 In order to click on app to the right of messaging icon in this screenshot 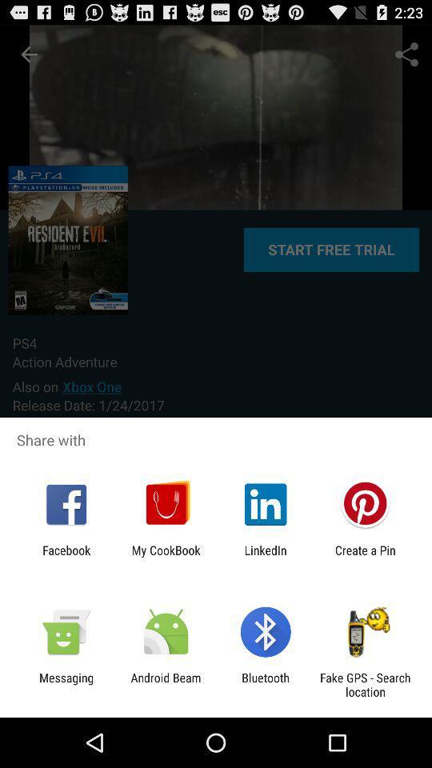, I will do `click(165, 684)`.